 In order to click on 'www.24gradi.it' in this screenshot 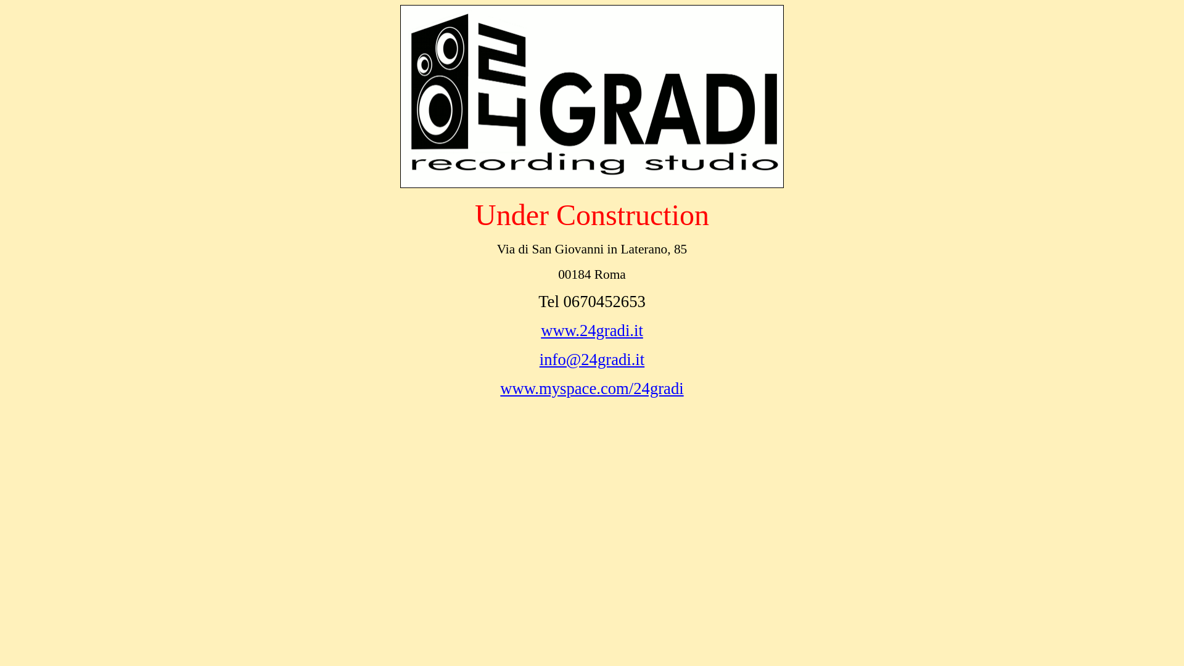, I will do `click(541, 330)`.